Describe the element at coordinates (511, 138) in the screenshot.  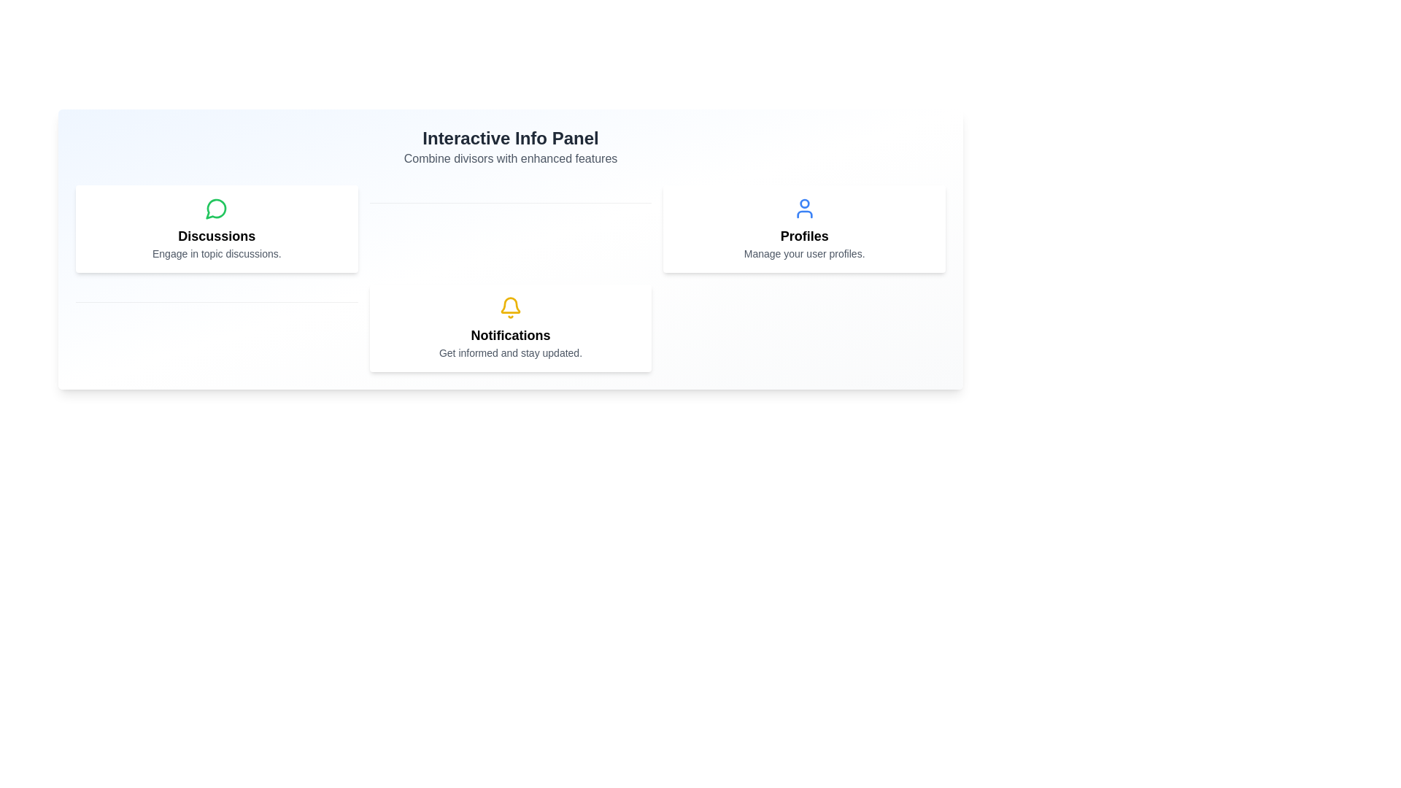
I see `text label that serves as a title or heading for the section, positioned above the subtitle 'Combine divisors with enhanced features'` at that location.